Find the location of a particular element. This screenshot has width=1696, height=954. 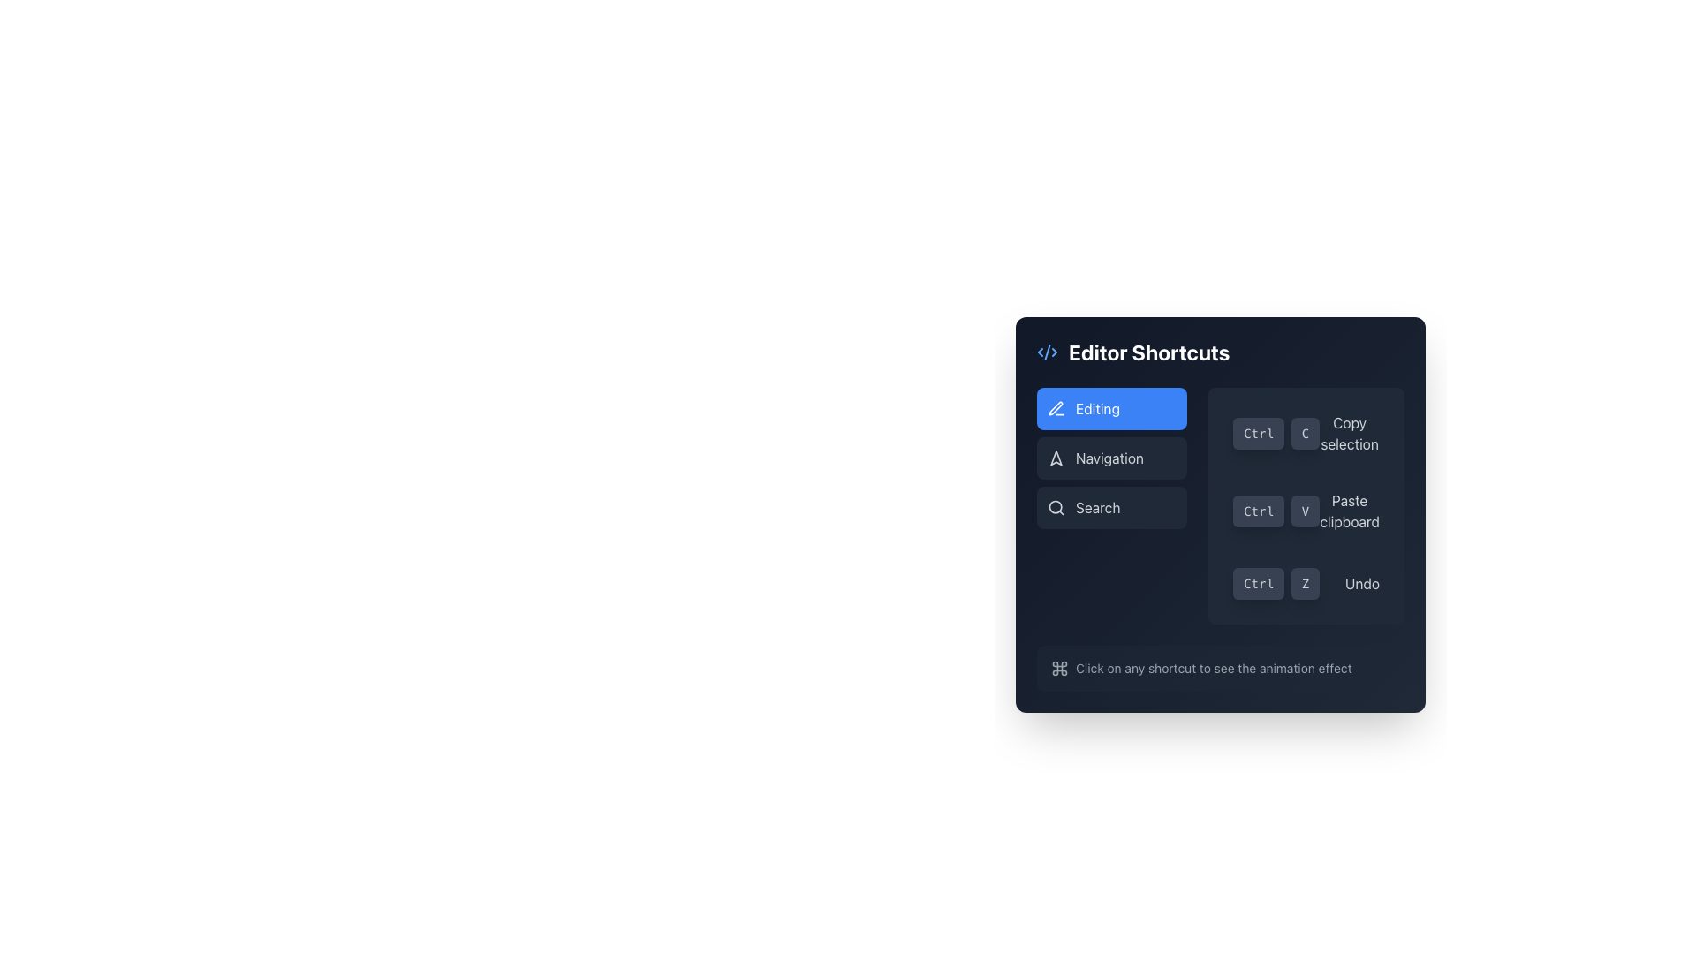

the 'Search' button, which has a dark gray background and light gray text, to initiate the search is located at coordinates (1111, 507).